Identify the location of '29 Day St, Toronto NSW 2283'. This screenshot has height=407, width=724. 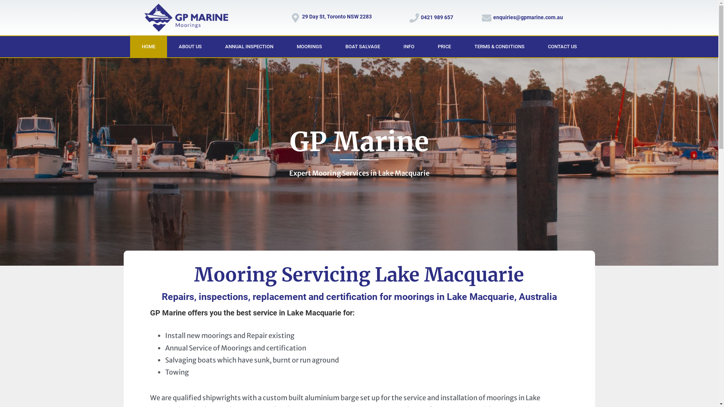
(302, 16).